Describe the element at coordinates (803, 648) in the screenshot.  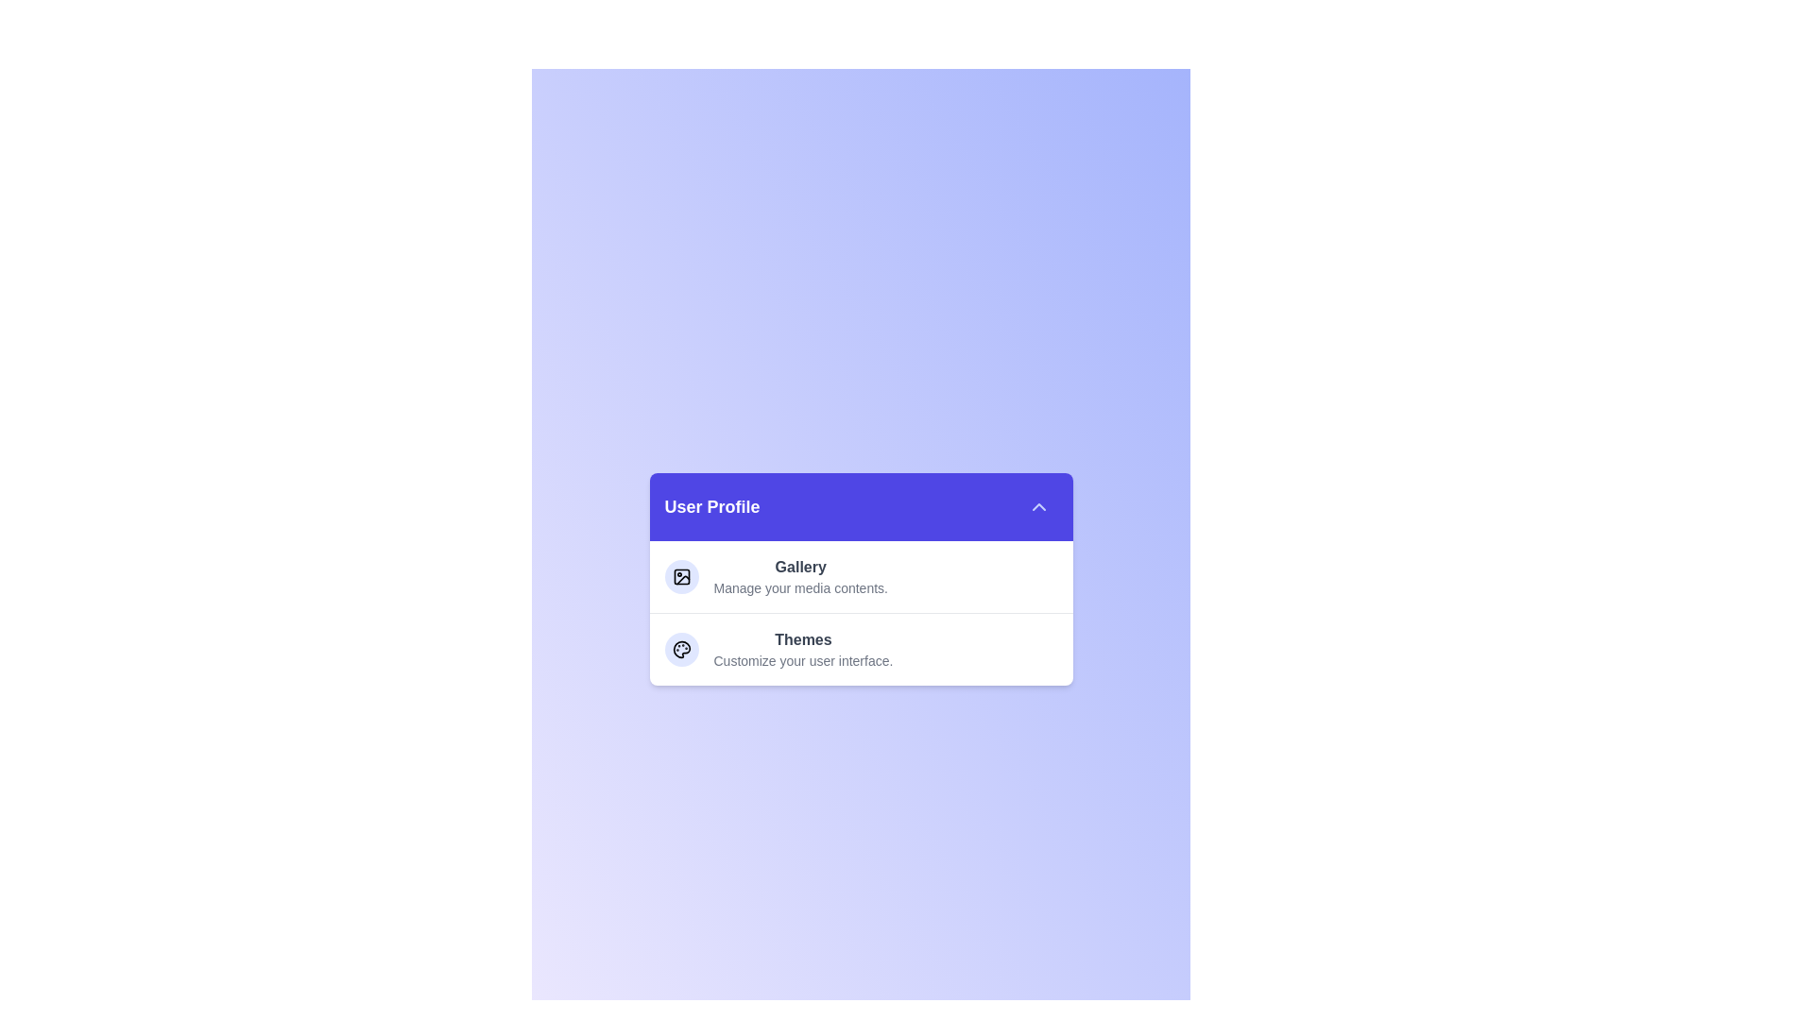
I see `the menu option Themes by clicking on it` at that location.